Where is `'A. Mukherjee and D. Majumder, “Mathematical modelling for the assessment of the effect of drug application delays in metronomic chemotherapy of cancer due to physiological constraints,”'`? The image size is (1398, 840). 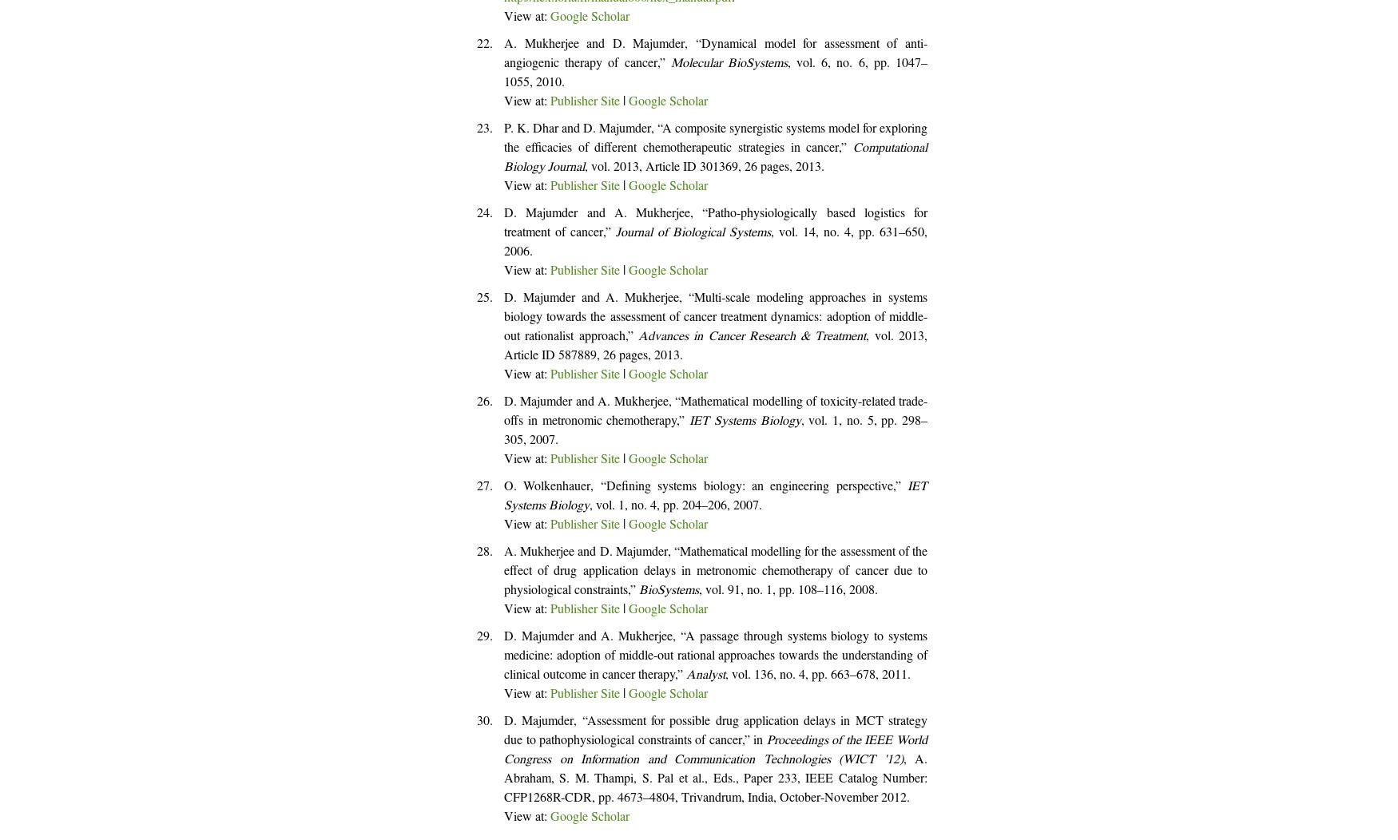
'A. Mukherjee and D. Majumder, “Mathematical modelling for the assessment of the effect of drug application delays in metronomic chemotherapy of cancer due to physiological constraints,”' is located at coordinates (715, 573).